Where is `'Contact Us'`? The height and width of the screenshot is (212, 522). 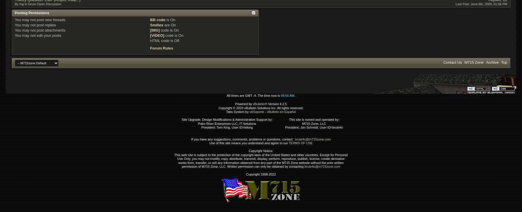 'Contact Us' is located at coordinates (452, 62).